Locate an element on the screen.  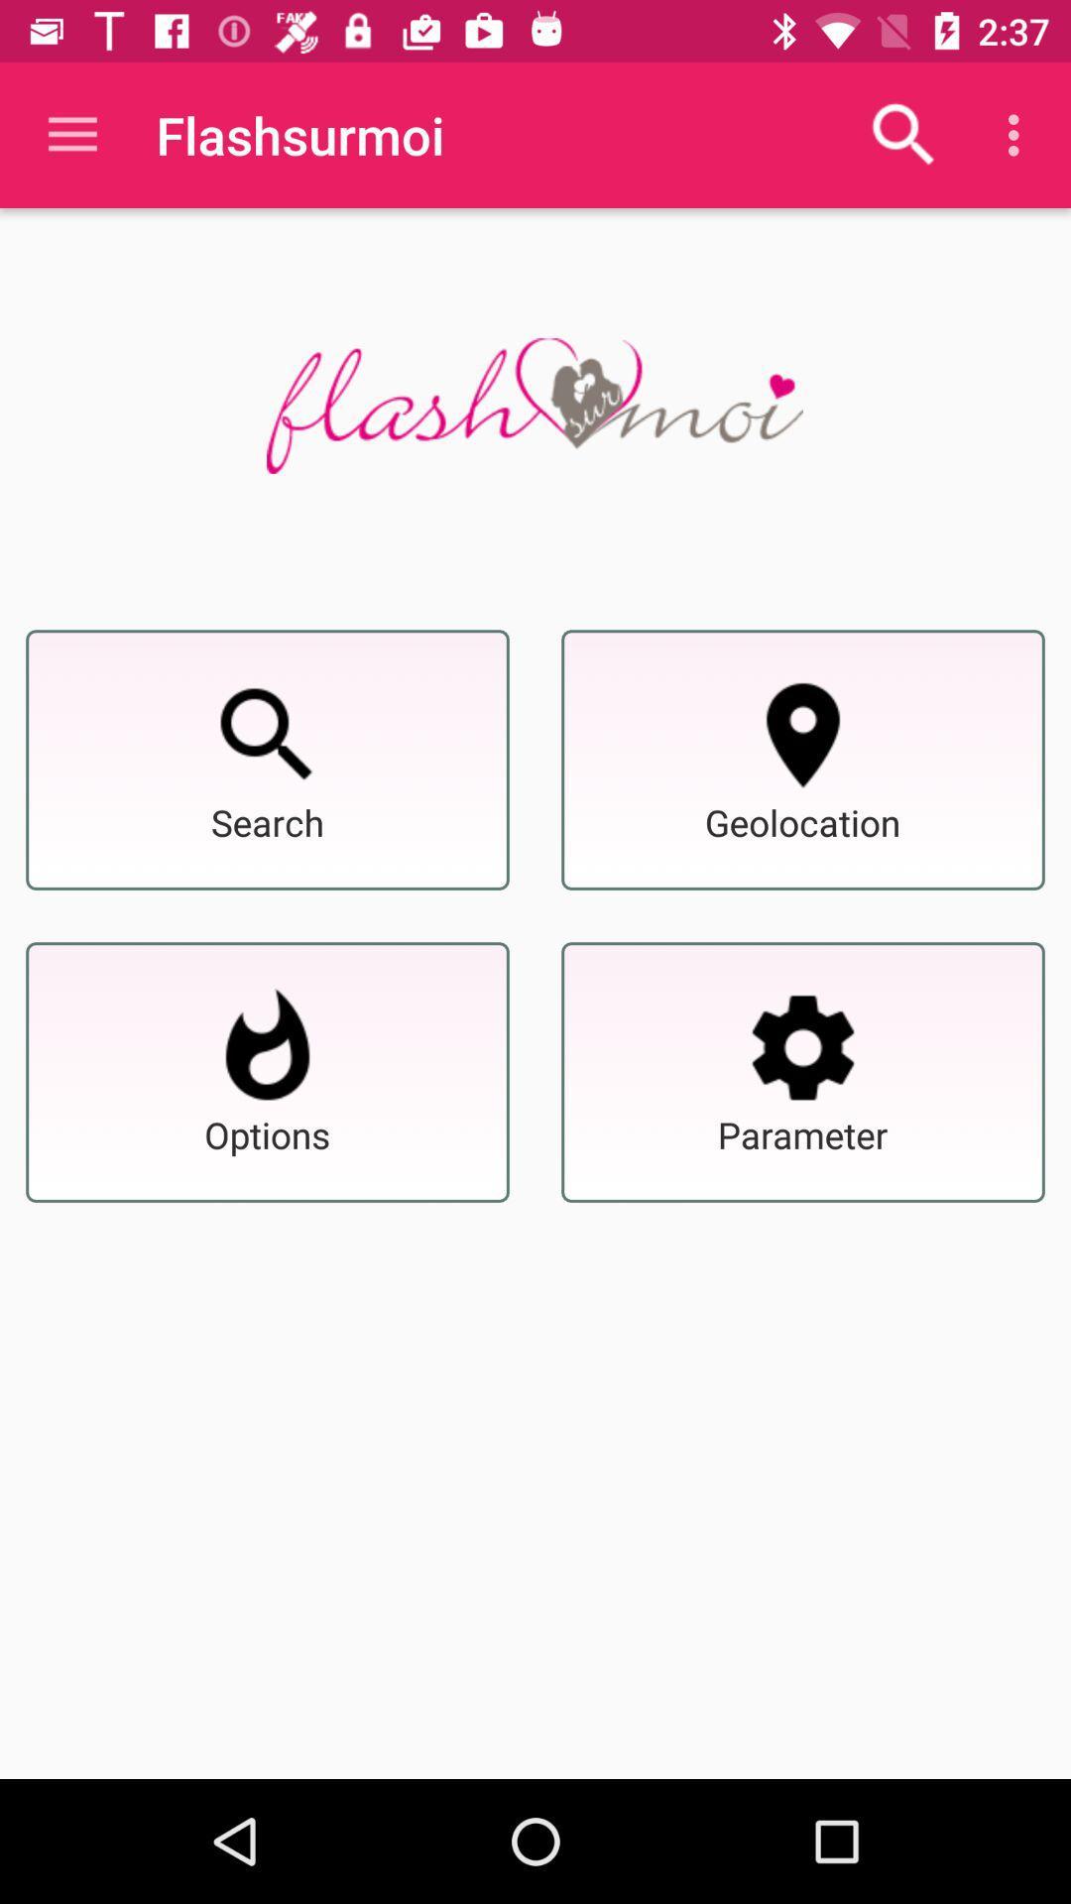
the search icon is located at coordinates (268, 734).